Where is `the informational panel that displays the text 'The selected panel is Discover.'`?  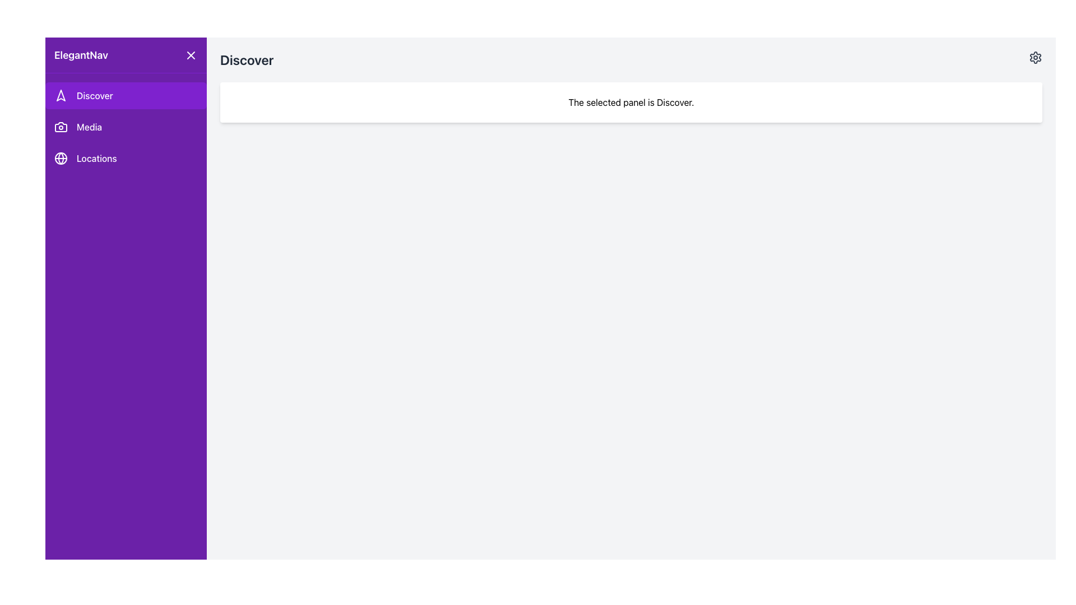 the informational panel that displays the text 'The selected panel is Discover.' is located at coordinates (631, 102).